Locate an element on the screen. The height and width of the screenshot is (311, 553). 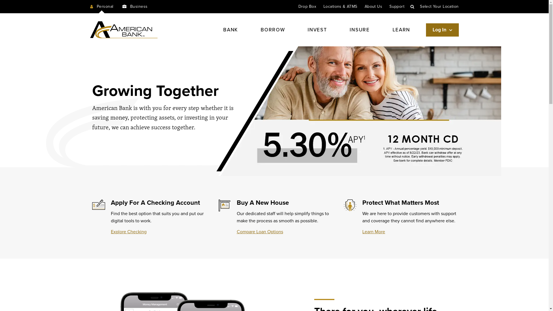
'Protect What Matters Most' is located at coordinates (400, 202).